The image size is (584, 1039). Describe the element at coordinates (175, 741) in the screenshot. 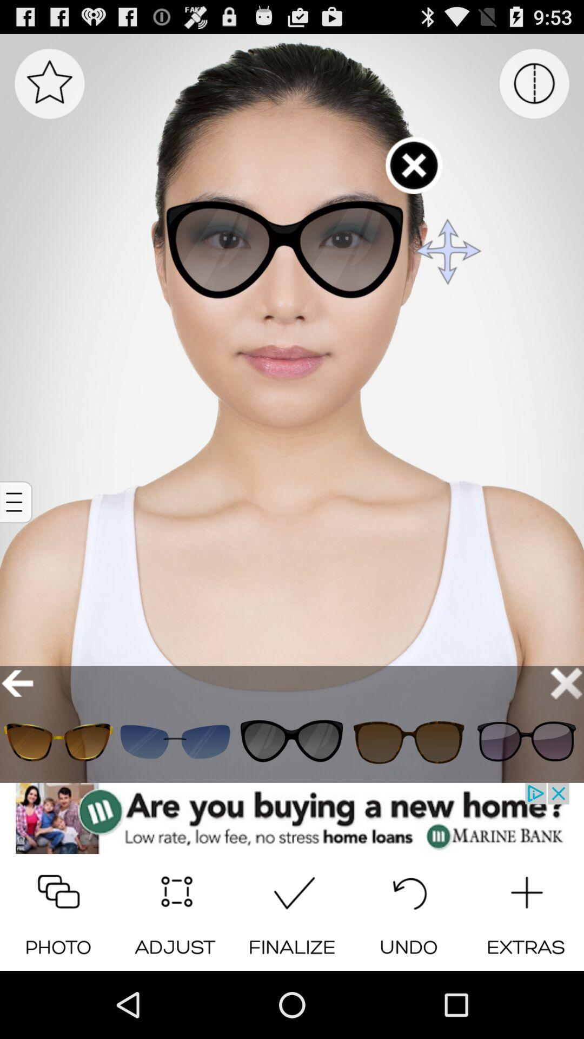

I see `choose a glass button` at that location.